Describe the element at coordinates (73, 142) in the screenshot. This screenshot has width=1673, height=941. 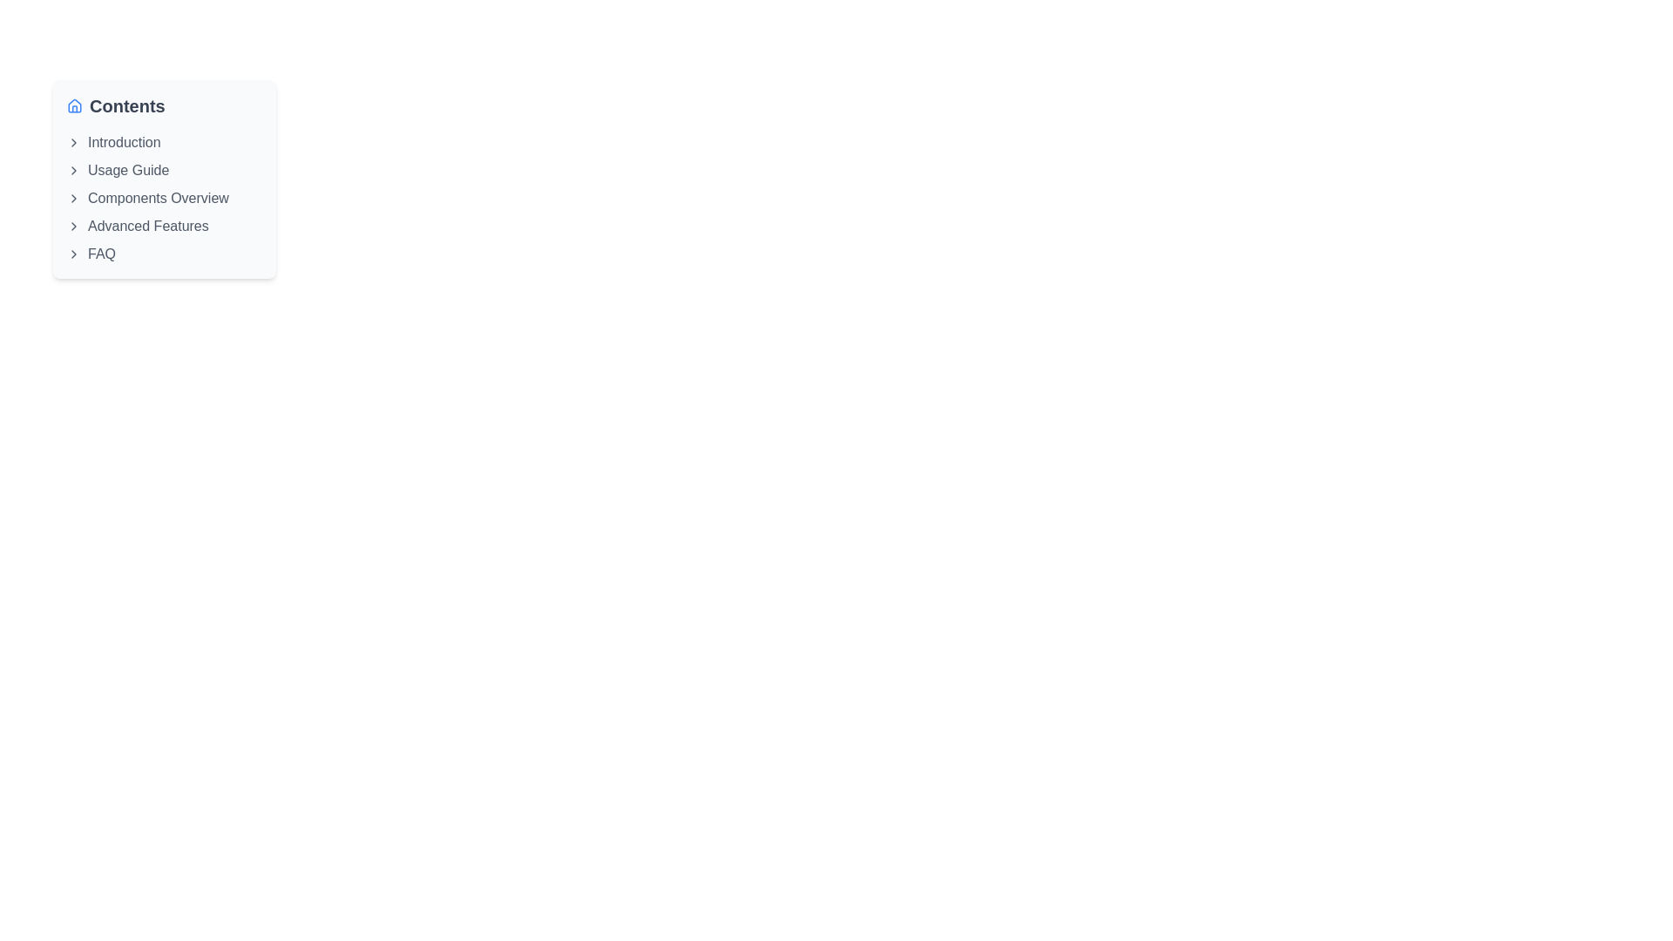
I see `the chevron icon located to the left of the 'Introduction' text in the navigation menu` at that location.